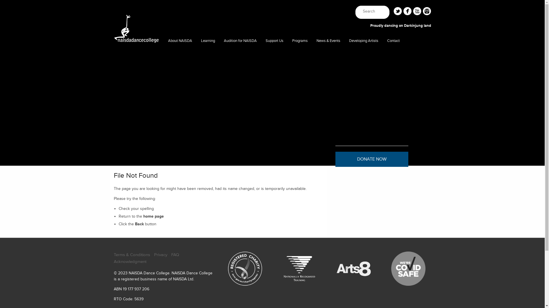 The height and width of the screenshot is (308, 549). What do you see at coordinates (174, 255) in the screenshot?
I see `'FAQ'` at bounding box center [174, 255].